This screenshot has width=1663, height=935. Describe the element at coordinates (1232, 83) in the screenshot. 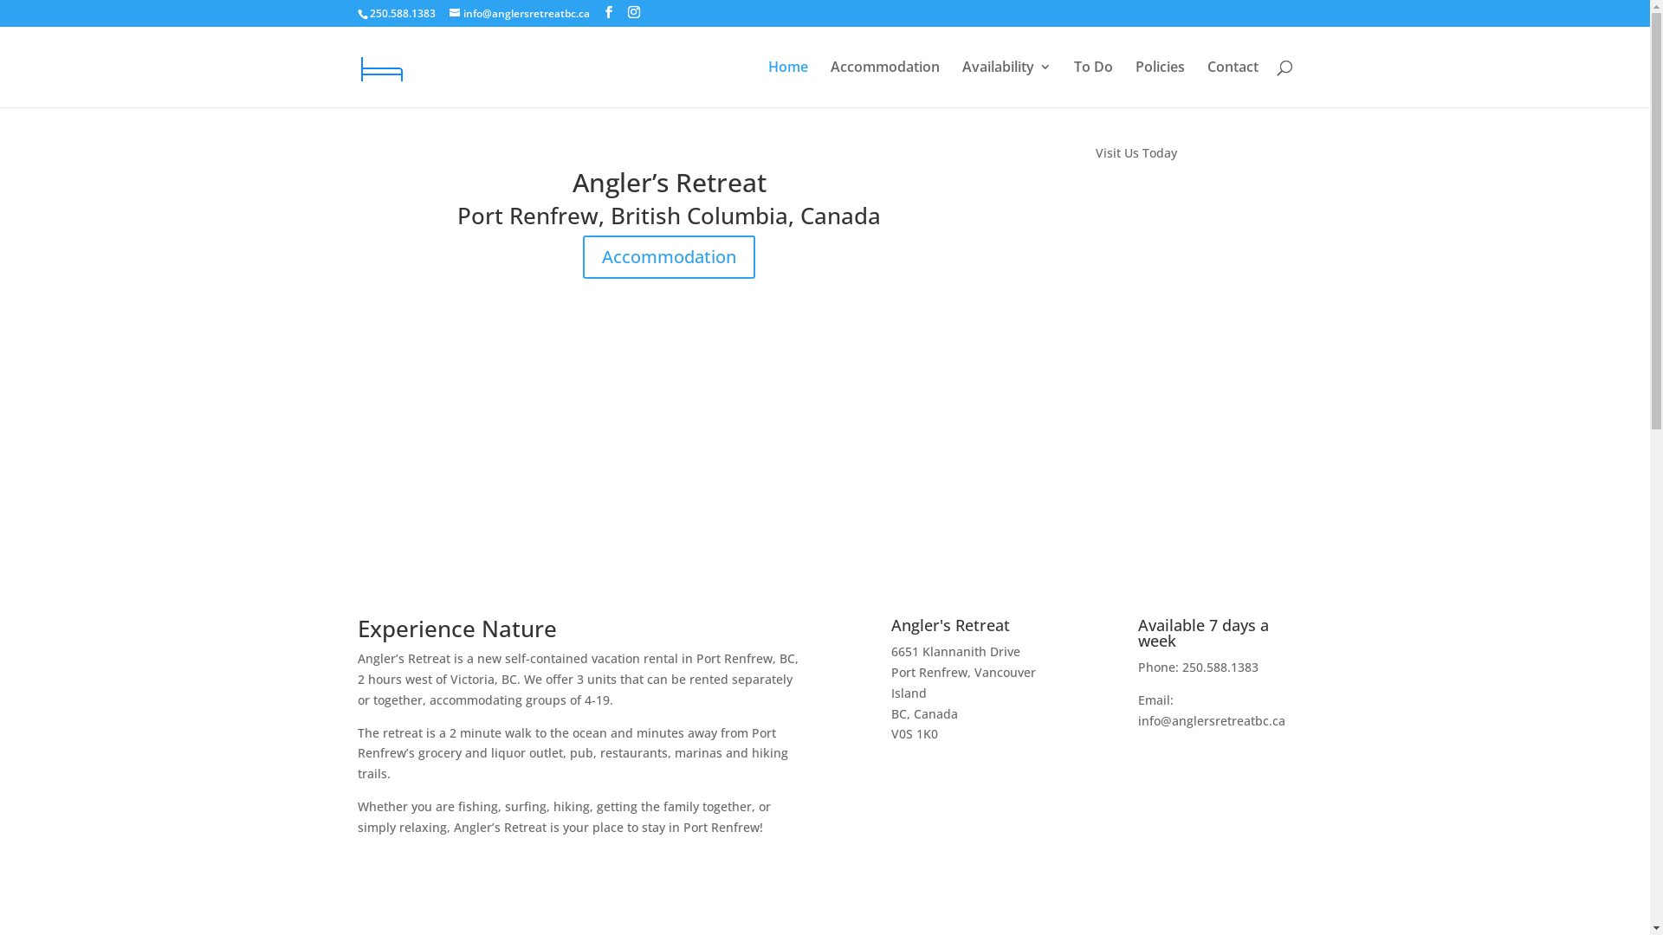

I see `'Contact'` at that location.